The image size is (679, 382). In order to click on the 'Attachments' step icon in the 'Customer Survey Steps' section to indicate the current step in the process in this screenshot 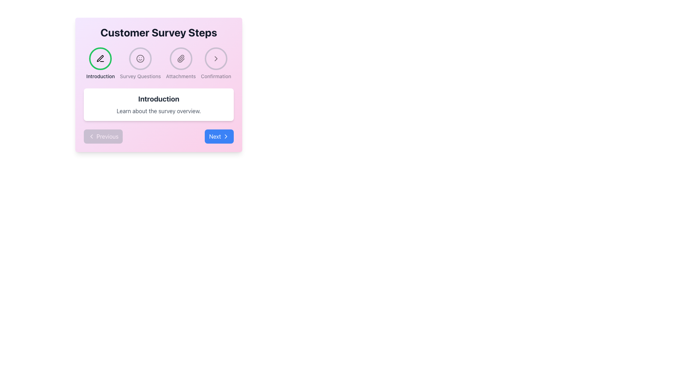, I will do `click(181, 64)`.